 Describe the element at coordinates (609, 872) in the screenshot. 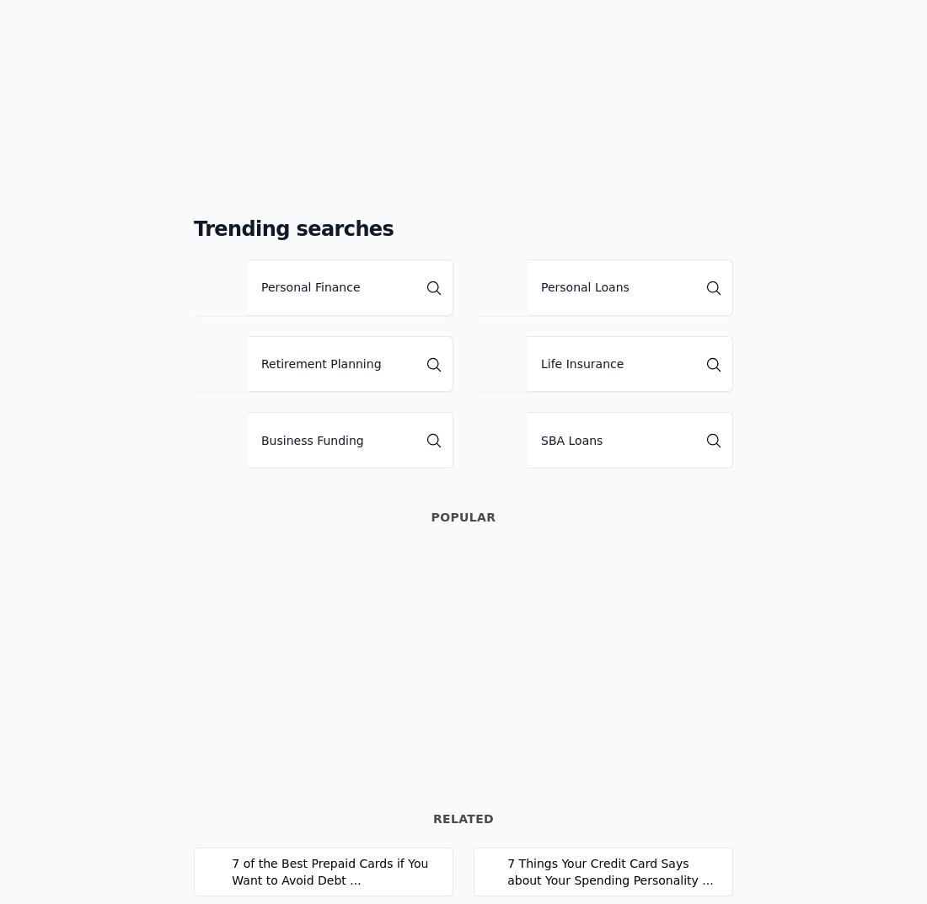

I see `'7 Things Your Credit Card Says about Your Spending Personality ...'` at that location.